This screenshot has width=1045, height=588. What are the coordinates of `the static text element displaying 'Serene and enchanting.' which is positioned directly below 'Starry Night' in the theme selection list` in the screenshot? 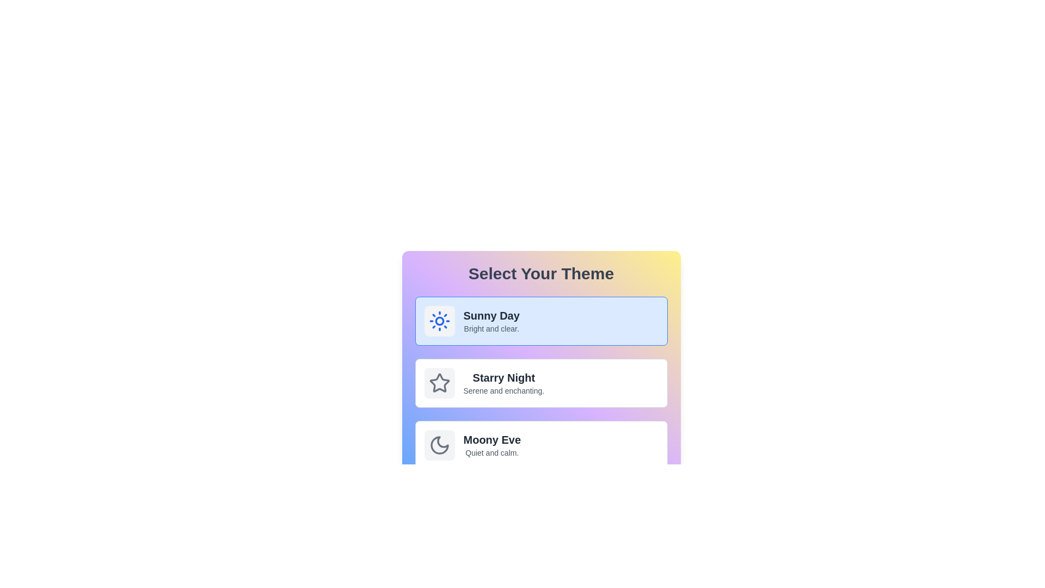 It's located at (503, 390).